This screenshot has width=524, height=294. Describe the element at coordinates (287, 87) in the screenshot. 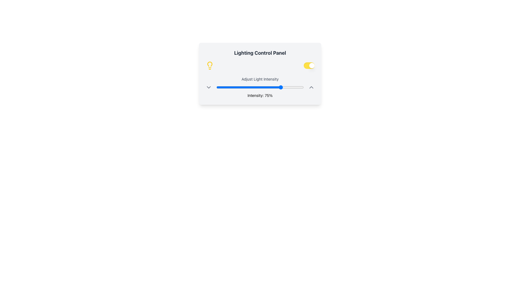

I see `light intensity` at that location.